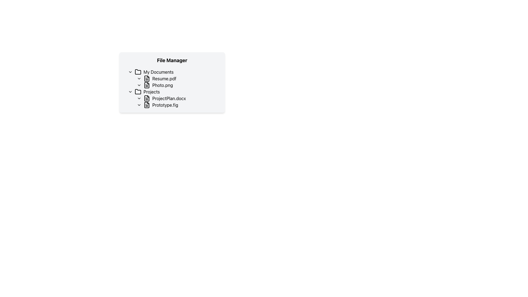 This screenshot has width=528, height=297. I want to click on the small black outline document icon adjacent to the text 'Resume.pdf', so click(147, 78).